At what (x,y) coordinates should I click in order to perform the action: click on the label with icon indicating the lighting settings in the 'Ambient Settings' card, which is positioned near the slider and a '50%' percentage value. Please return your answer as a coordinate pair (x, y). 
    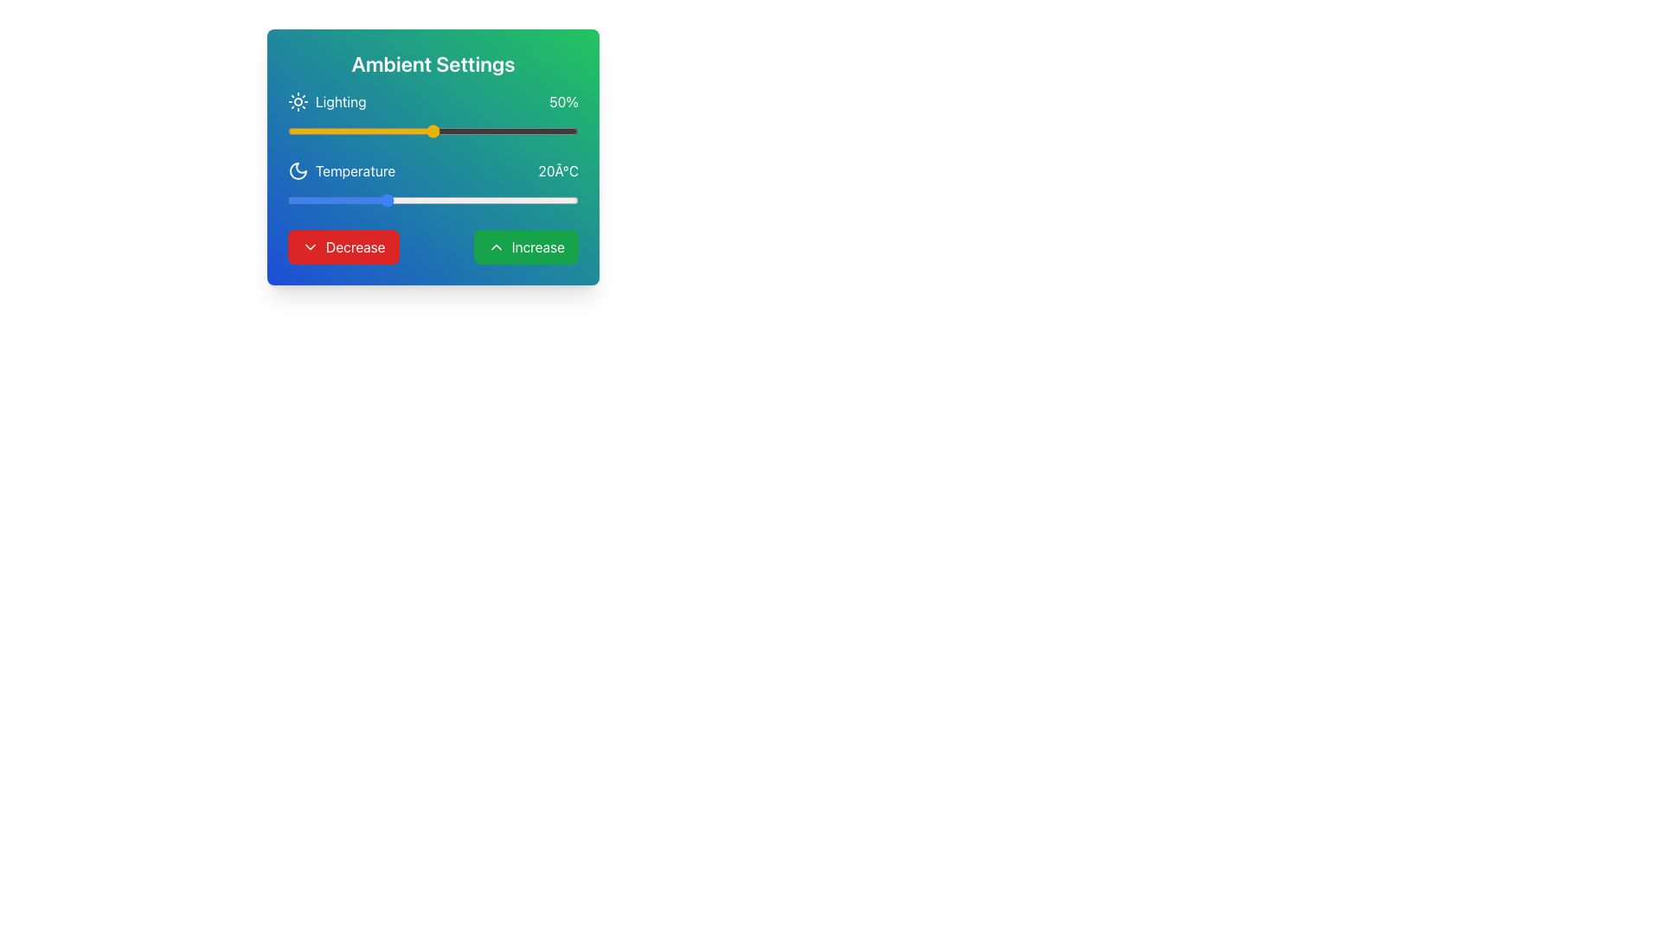
    Looking at the image, I should click on (327, 102).